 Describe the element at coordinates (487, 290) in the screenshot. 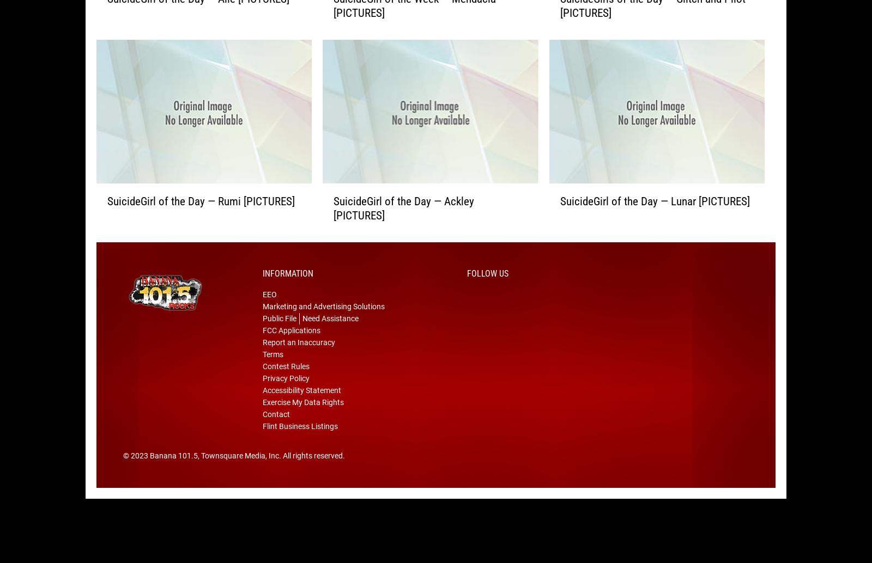

I see `'Follow Us'` at that location.